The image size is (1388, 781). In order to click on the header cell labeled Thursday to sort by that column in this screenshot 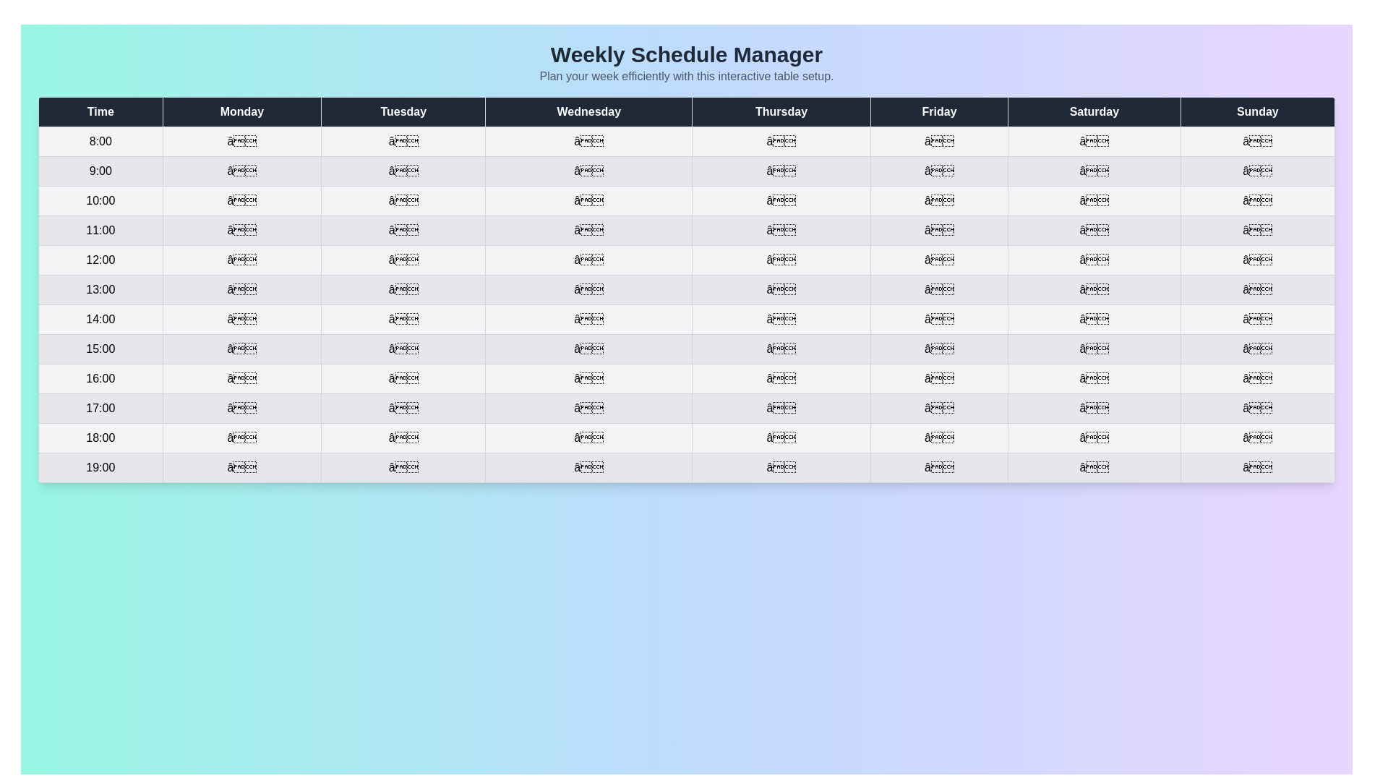, I will do `click(780, 111)`.